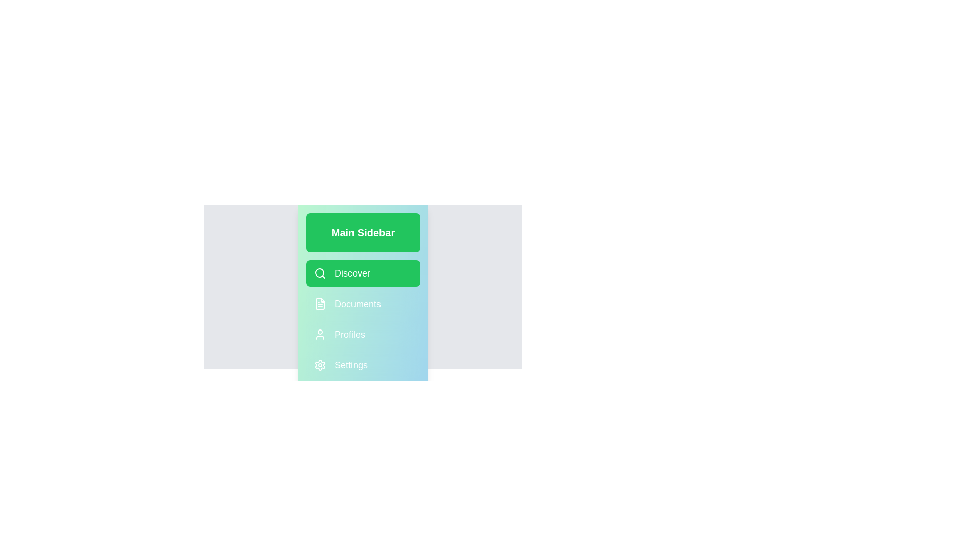  Describe the element at coordinates (363, 272) in the screenshot. I see `the 'Discover' button located on the sidebar, directly below the 'Main Sidebar' title` at that location.